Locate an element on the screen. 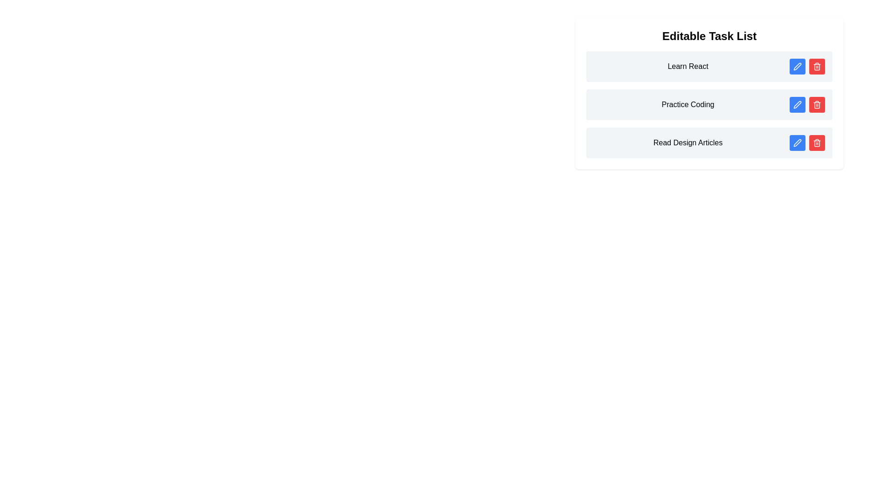  the text label displaying 'Learn React' that is part of the topmost task item in the editable task list is located at coordinates (688, 66).